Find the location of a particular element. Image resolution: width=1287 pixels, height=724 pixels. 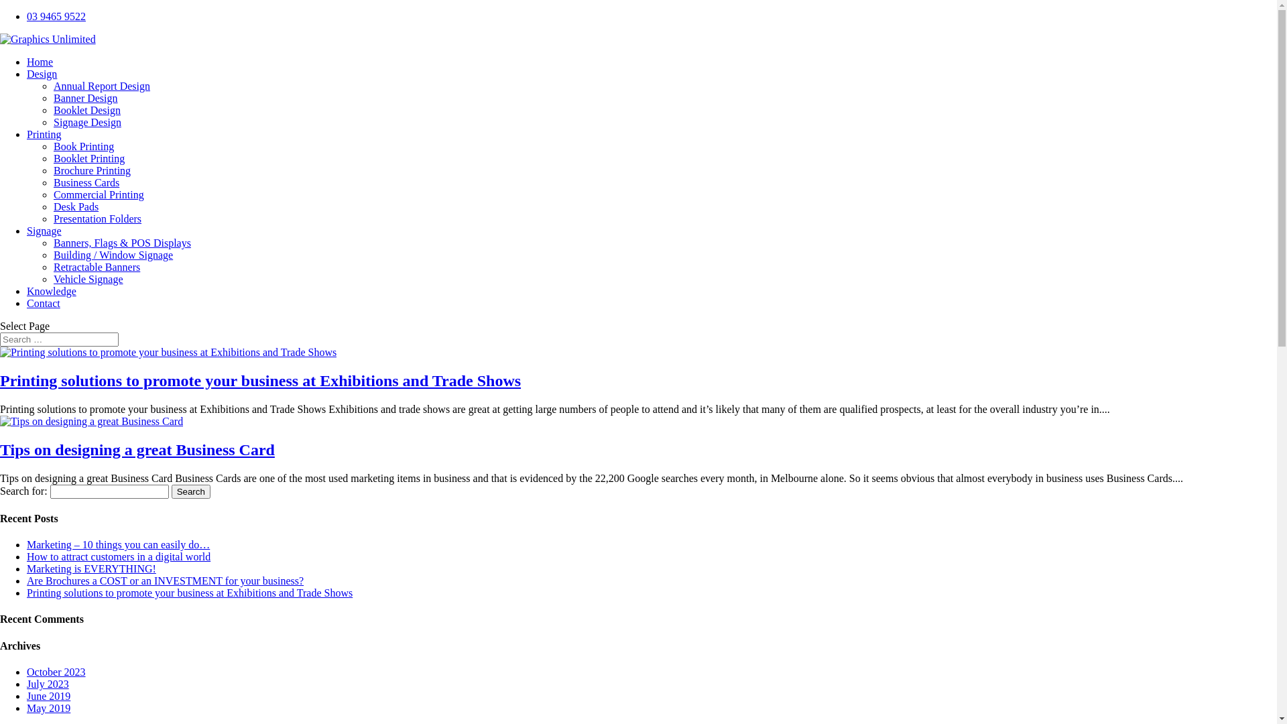

'Signage Design' is located at coordinates (86, 122).